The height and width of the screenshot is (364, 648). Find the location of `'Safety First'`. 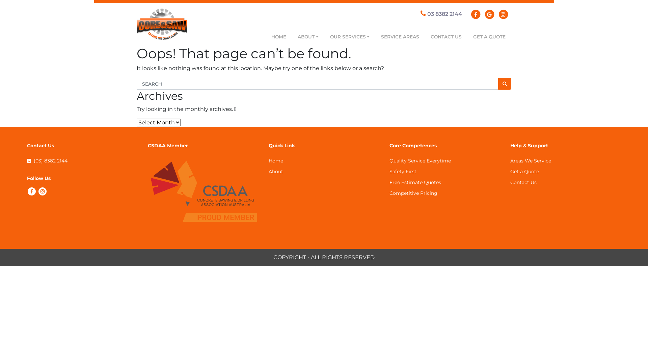

'Safety First' is located at coordinates (403, 171).